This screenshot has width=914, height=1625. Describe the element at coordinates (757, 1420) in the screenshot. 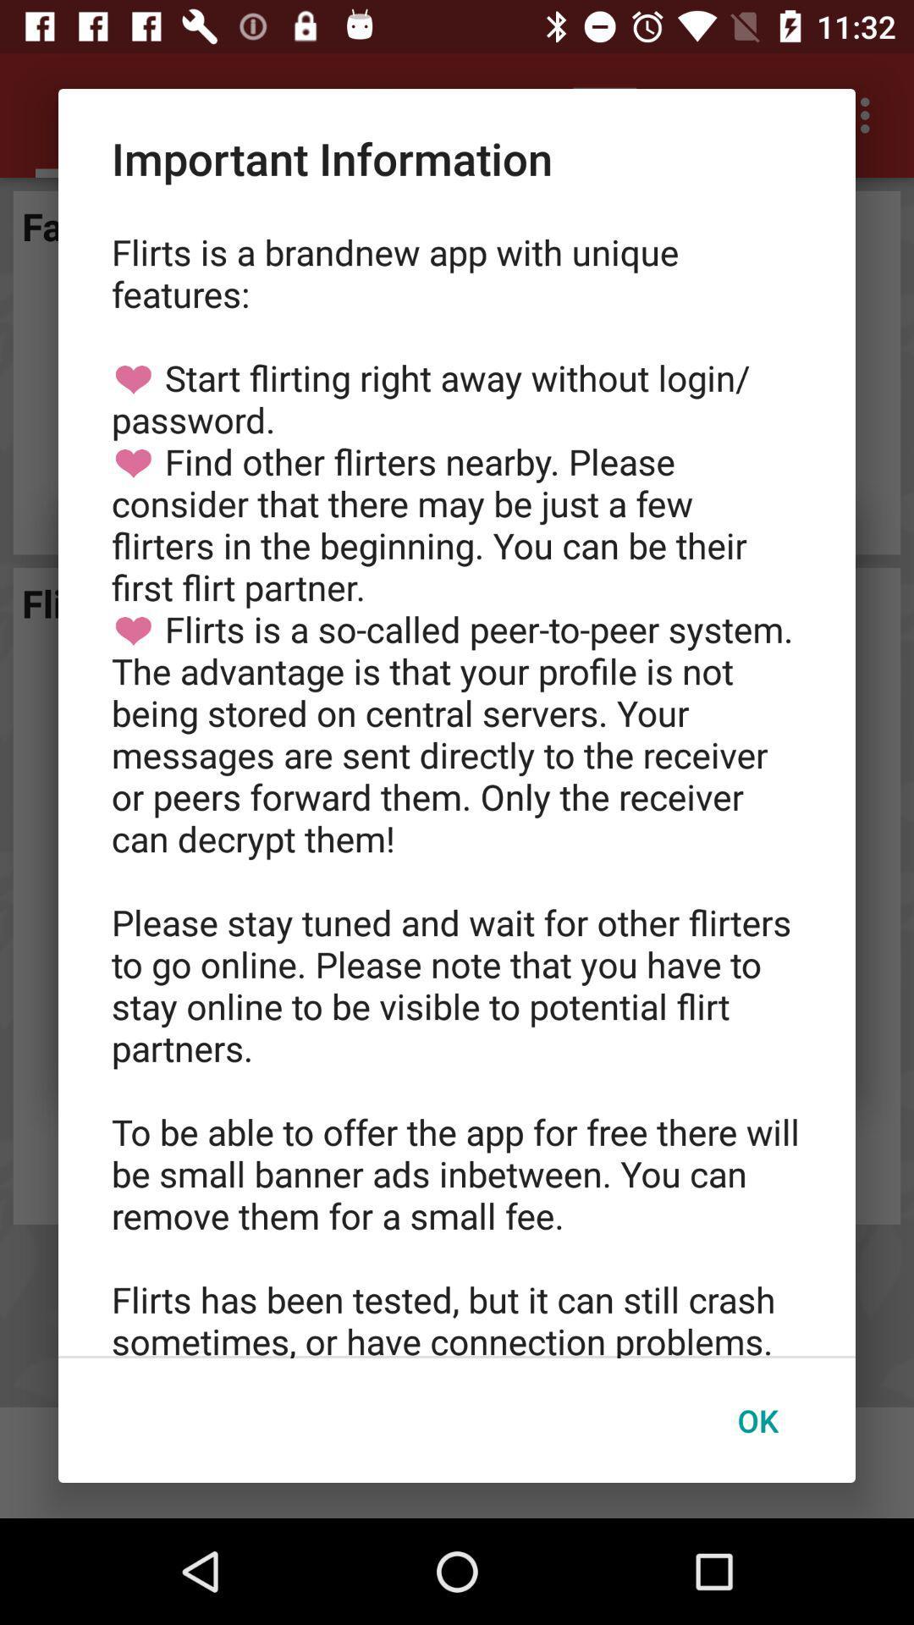

I see `the icon at the bottom right corner` at that location.